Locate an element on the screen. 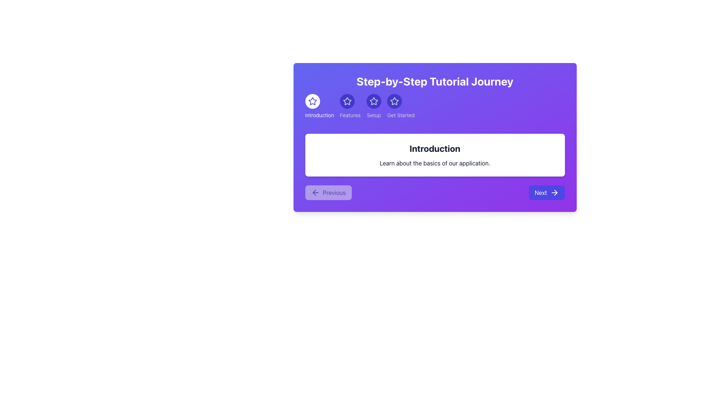 This screenshot has height=398, width=708. the blue star icon with a white border, which is the second step indicator in the navigation interface, to interact with it is located at coordinates (347, 101).